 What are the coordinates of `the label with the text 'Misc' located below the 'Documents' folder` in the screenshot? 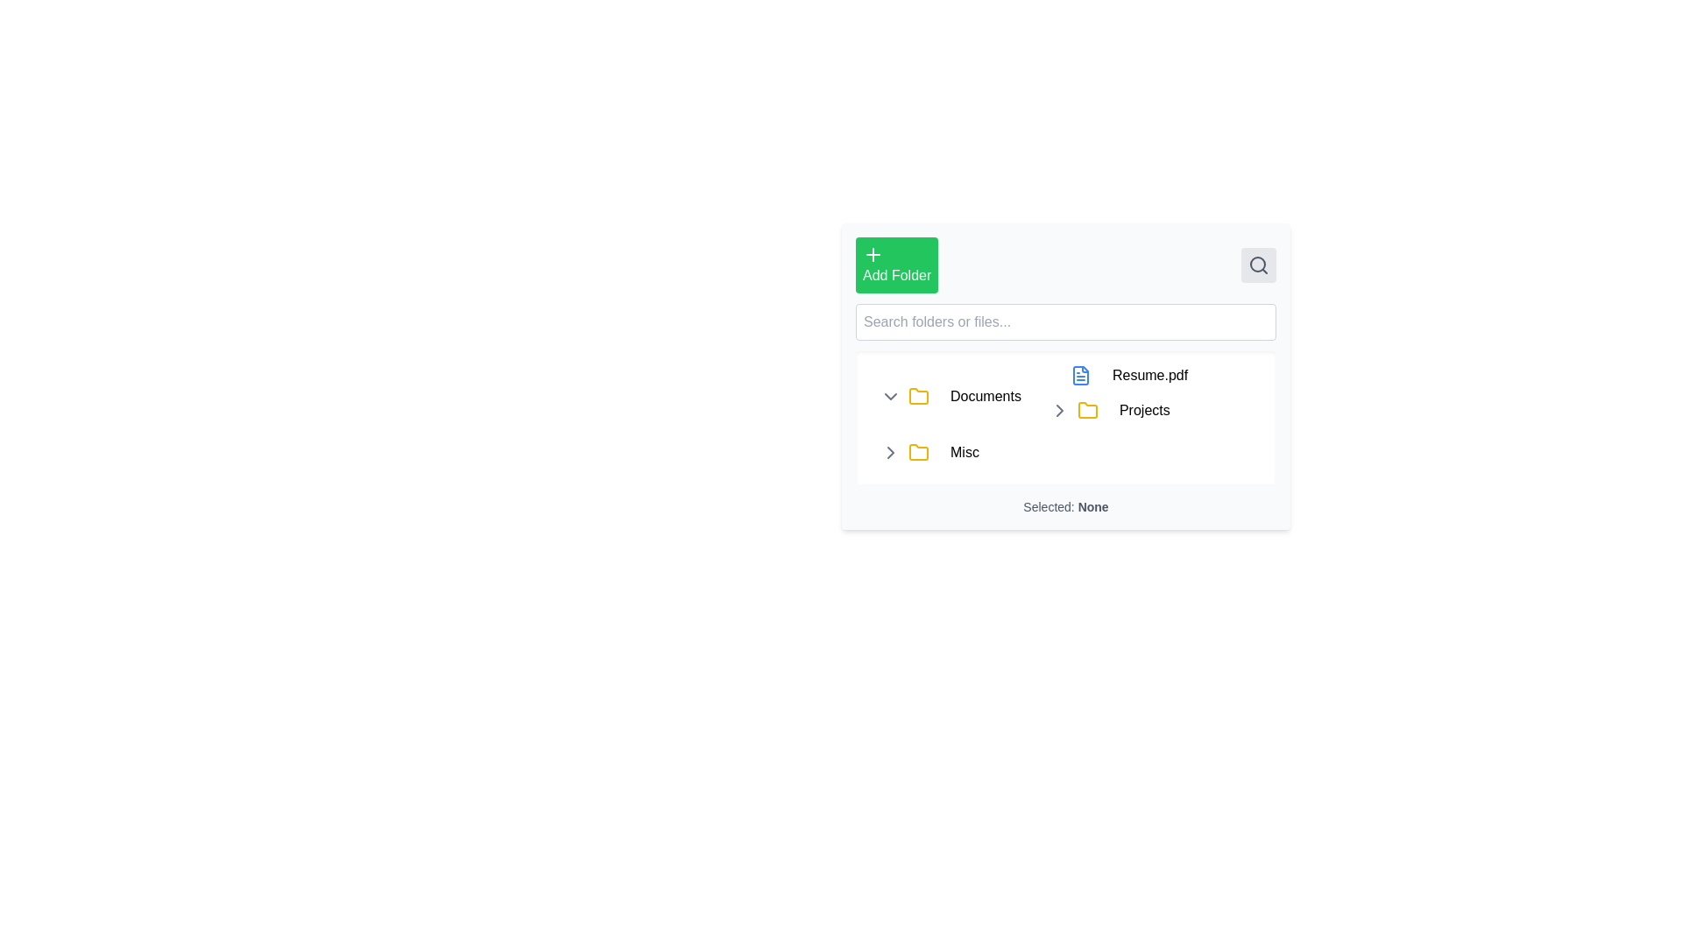 It's located at (964, 451).